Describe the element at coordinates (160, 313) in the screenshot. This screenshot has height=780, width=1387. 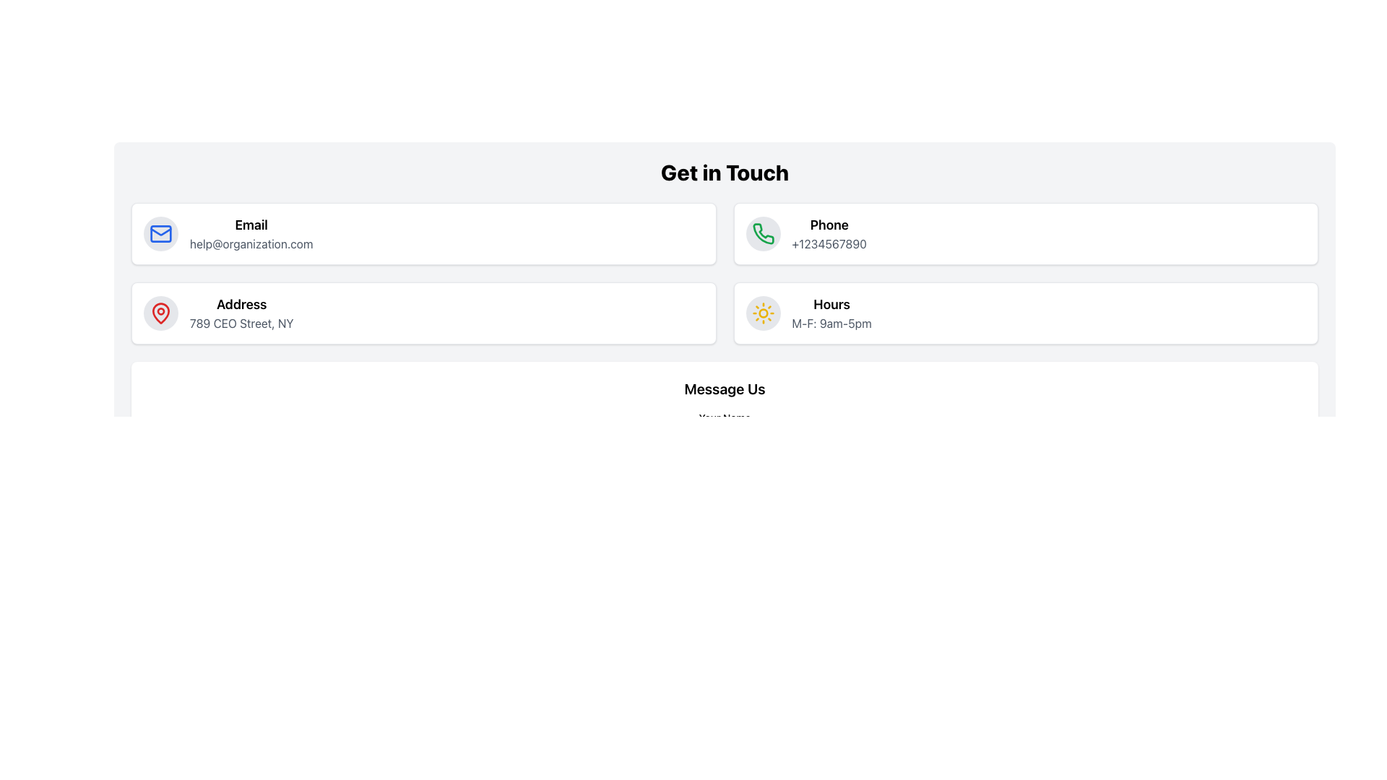
I see `the red map pin icon, which is a scalable vector graphic (SVG) located in the top-left corner of the Address section in the 'Get in Touch' layout` at that location.